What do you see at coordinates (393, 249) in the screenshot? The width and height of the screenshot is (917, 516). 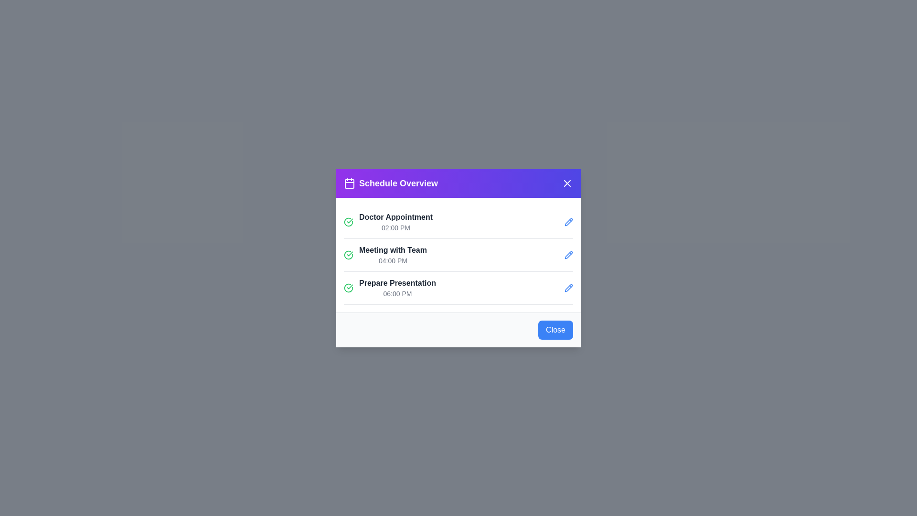 I see `the text label that reads 'Meeting with Team', which is styled in bold dark gray and positioned above the time label '04:00 PM' in the schedule list interface` at bounding box center [393, 249].